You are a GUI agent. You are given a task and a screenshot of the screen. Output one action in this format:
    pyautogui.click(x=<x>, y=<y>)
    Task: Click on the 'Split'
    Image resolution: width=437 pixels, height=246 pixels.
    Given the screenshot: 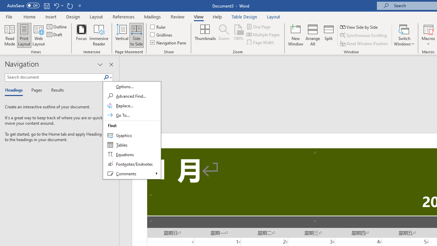 What is the action you would take?
    pyautogui.click(x=329, y=35)
    